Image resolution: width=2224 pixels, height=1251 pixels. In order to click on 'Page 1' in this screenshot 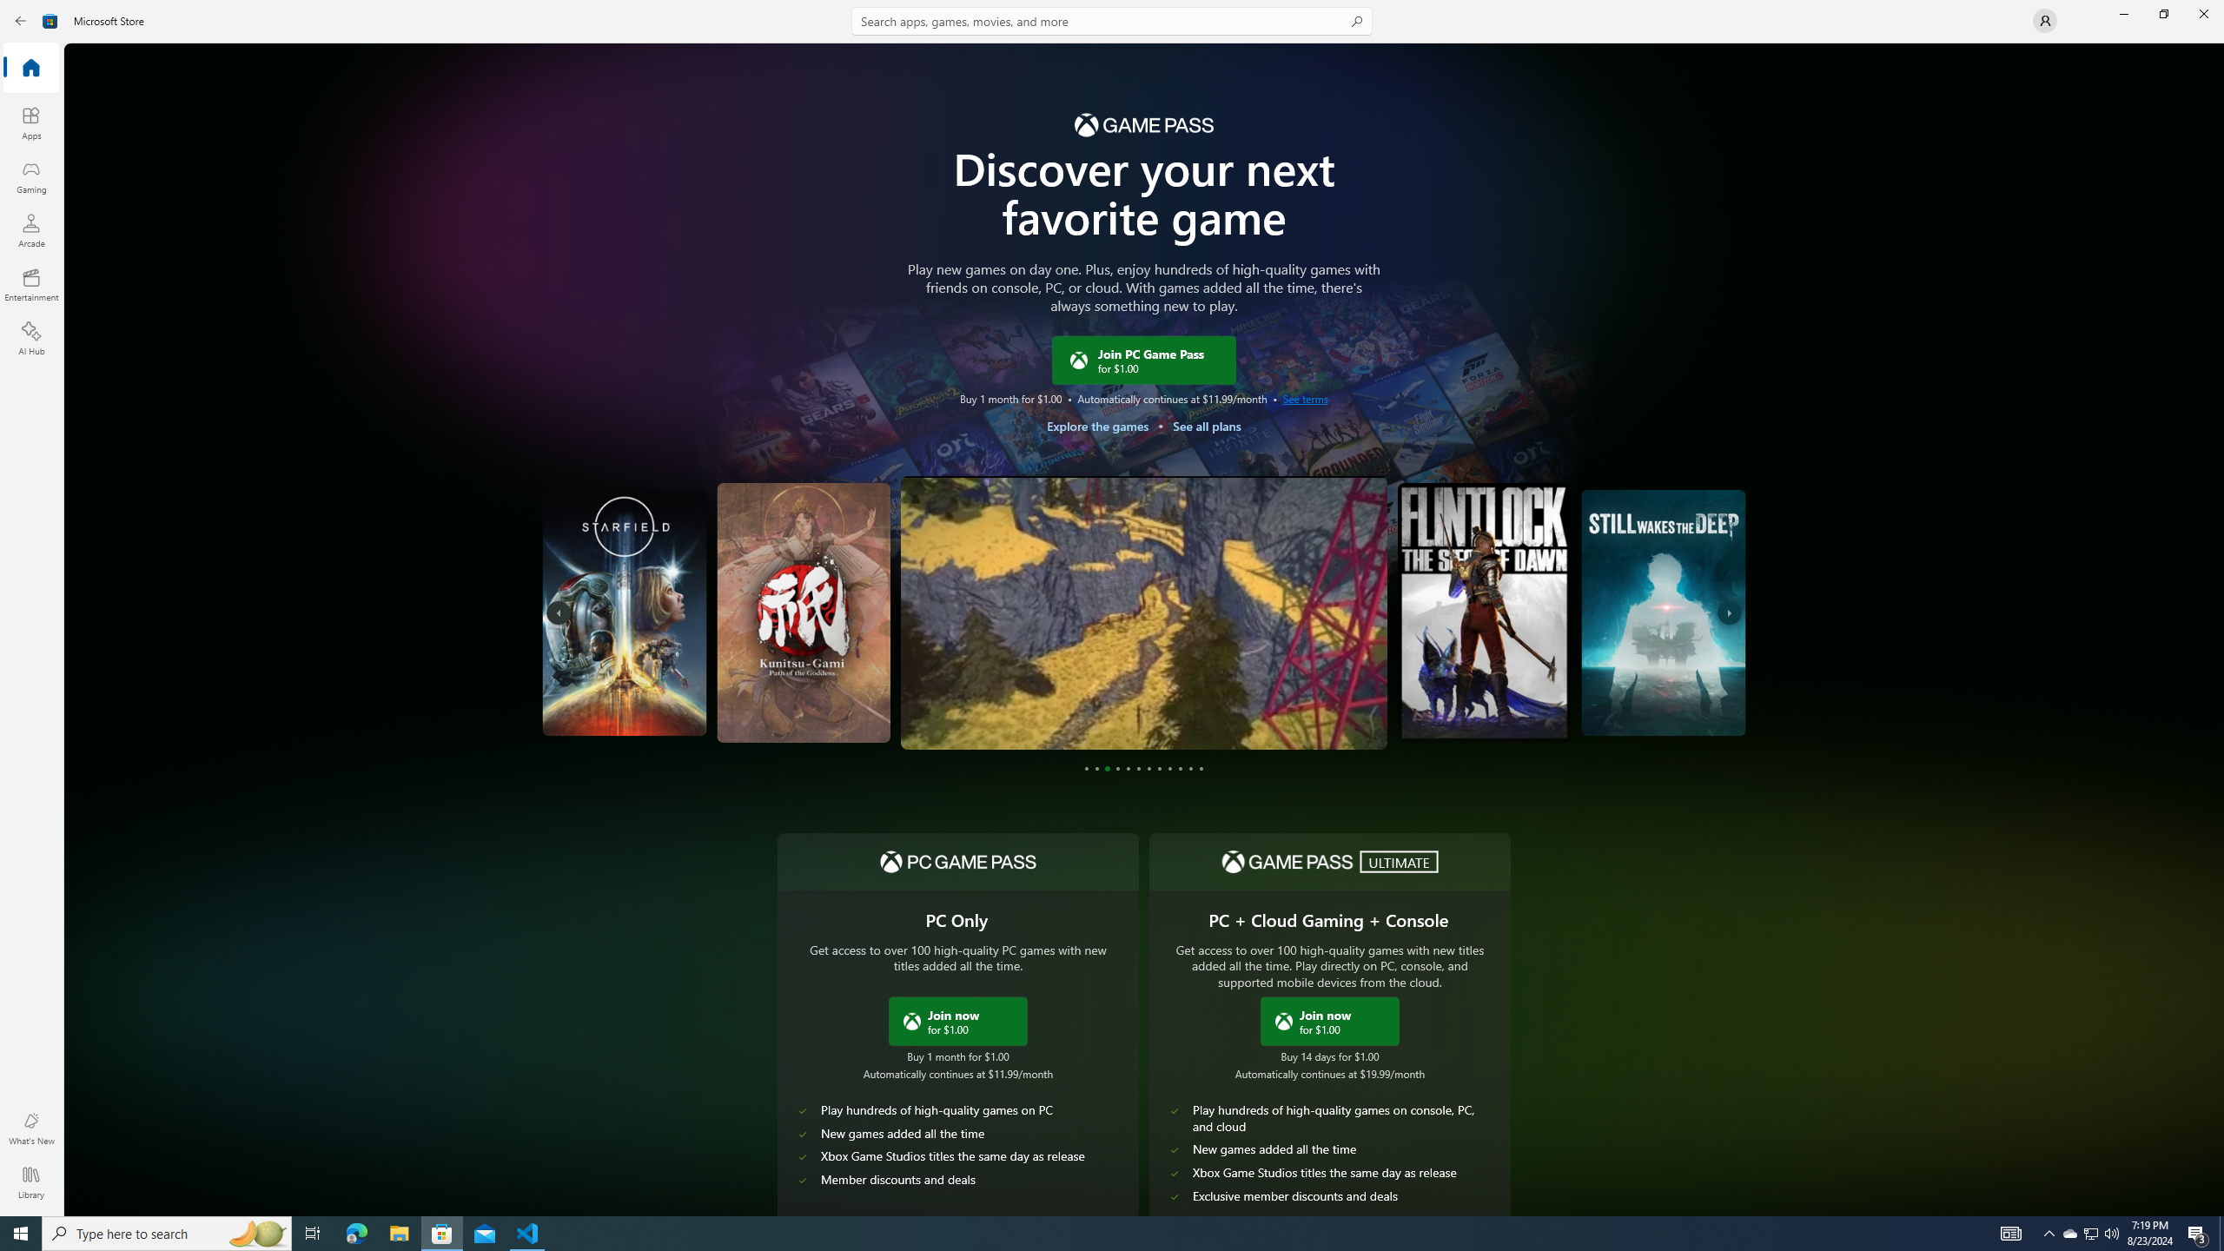, I will do `click(1086, 768)`.